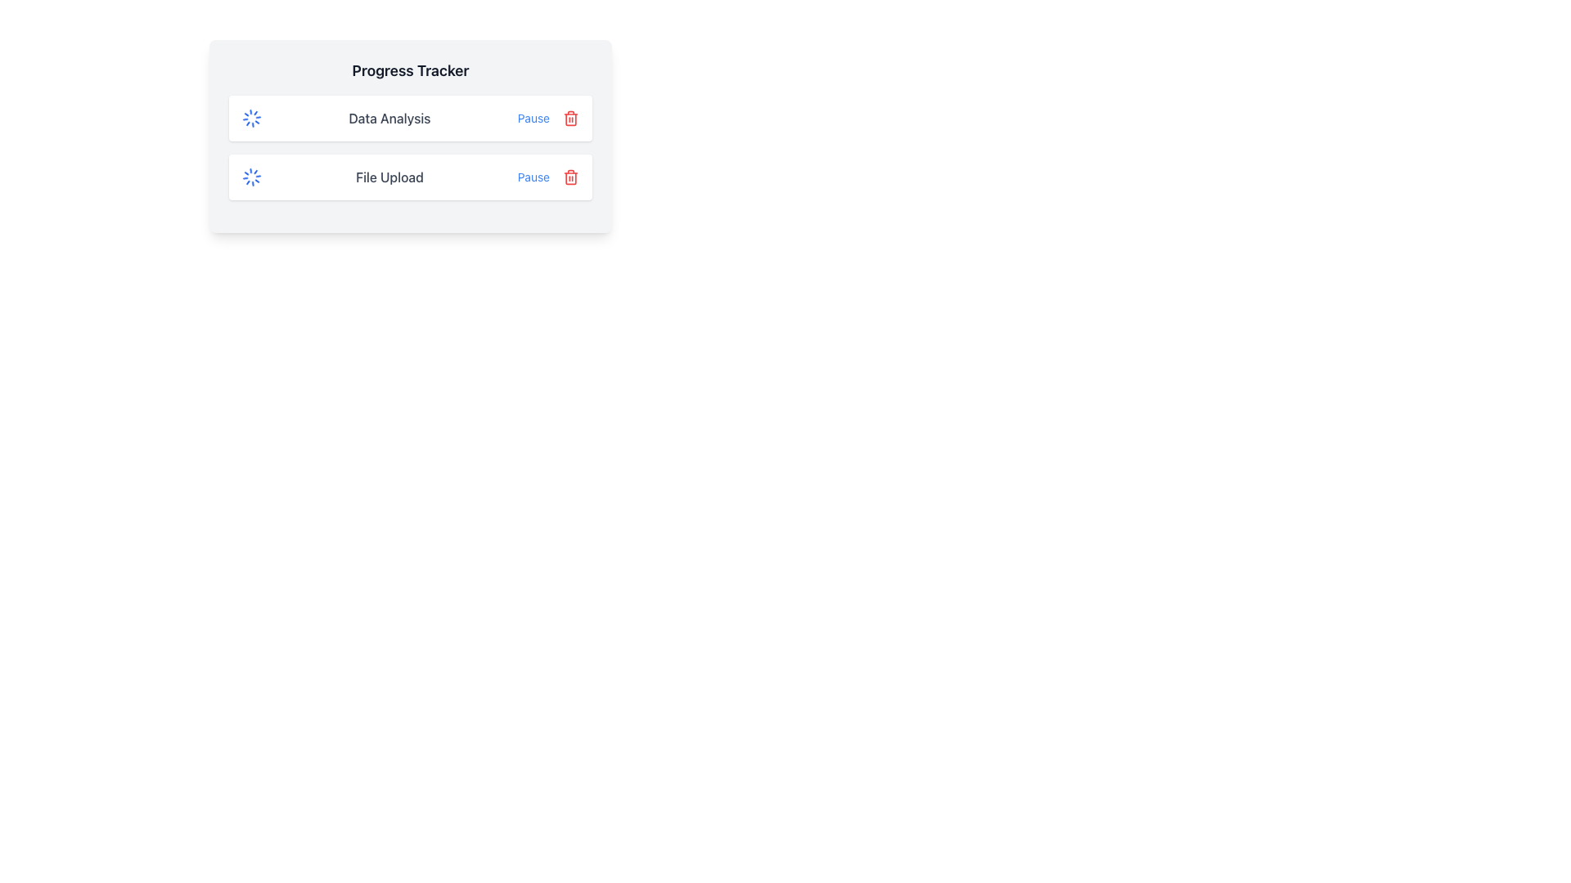 The width and height of the screenshot is (1571, 883). I want to click on the pause button for the ongoing 'Data Analysis' process, which is the fifth button in a horizontal list located near the right corner of its row, so click(533, 118).